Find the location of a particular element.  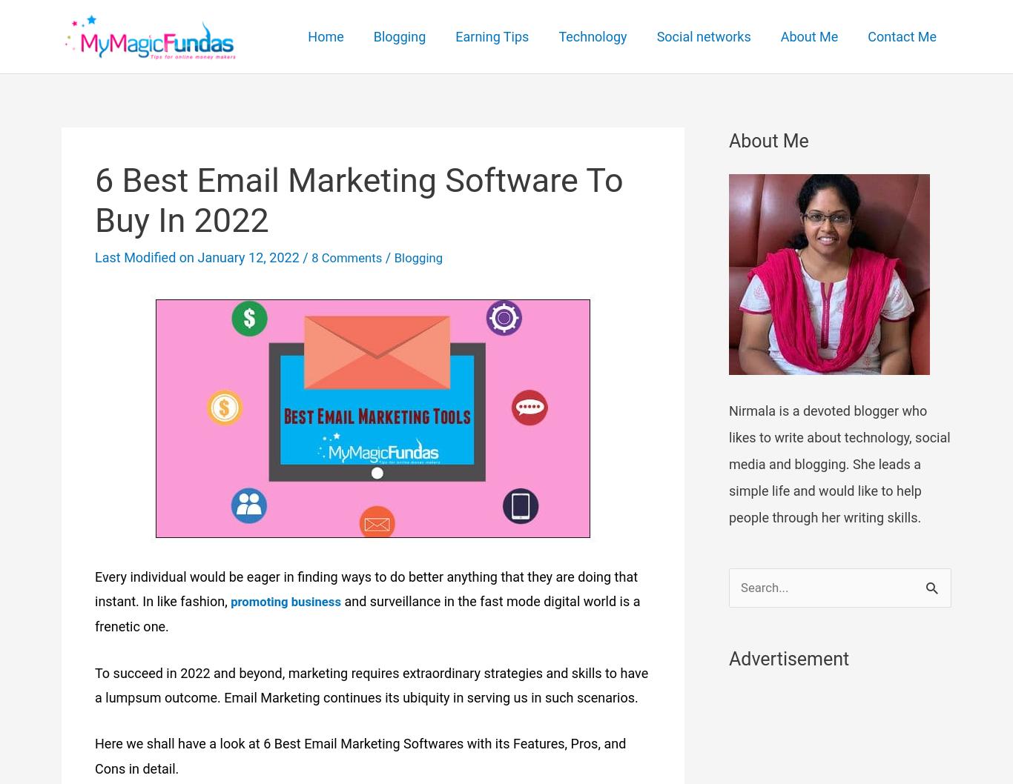

'8 Comments' is located at coordinates (349, 256).